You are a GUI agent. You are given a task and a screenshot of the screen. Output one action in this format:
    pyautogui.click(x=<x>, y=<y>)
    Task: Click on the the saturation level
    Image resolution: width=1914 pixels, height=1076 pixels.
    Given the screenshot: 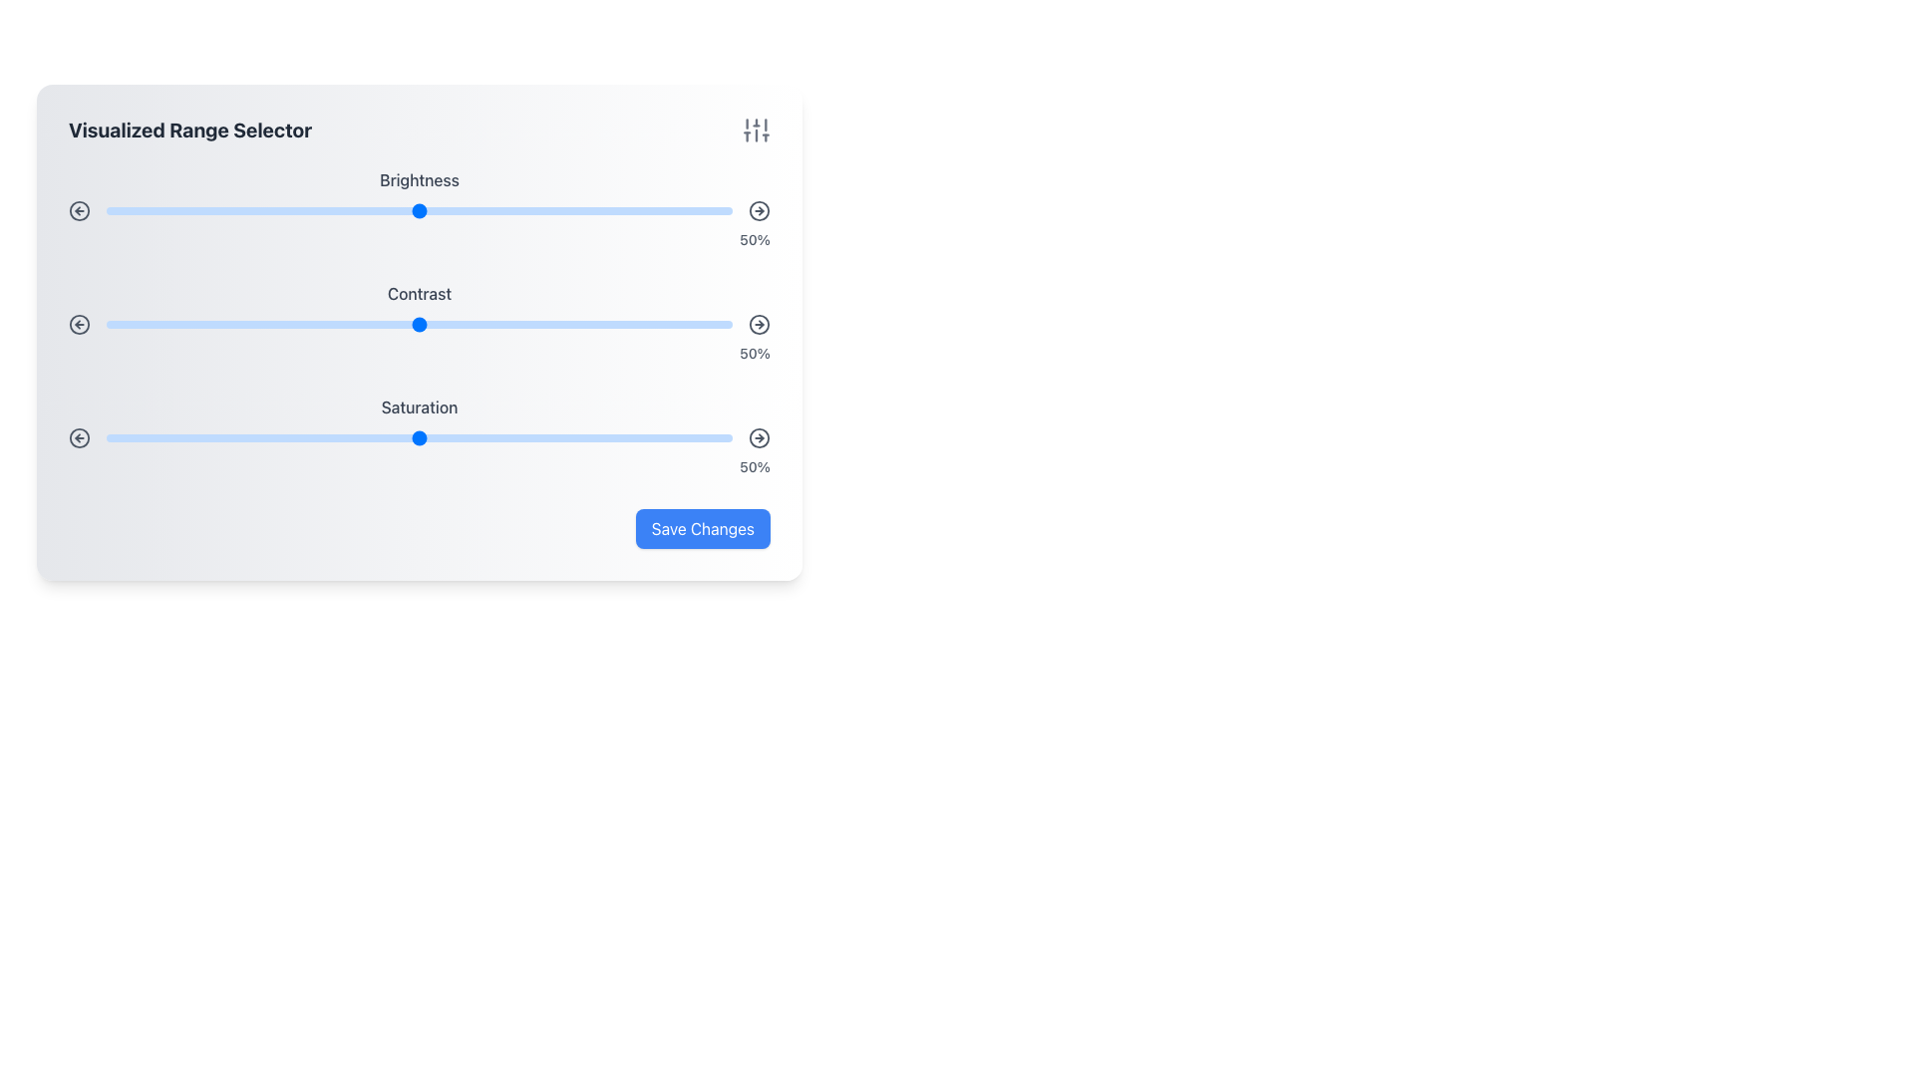 What is the action you would take?
    pyautogui.click(x=243, y=436)
    